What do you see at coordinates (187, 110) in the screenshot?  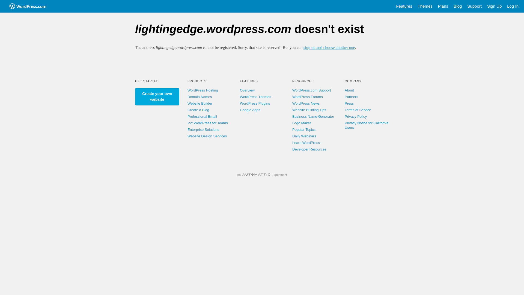 I see `'Create a Blog'` at bounding box center [187, 110].